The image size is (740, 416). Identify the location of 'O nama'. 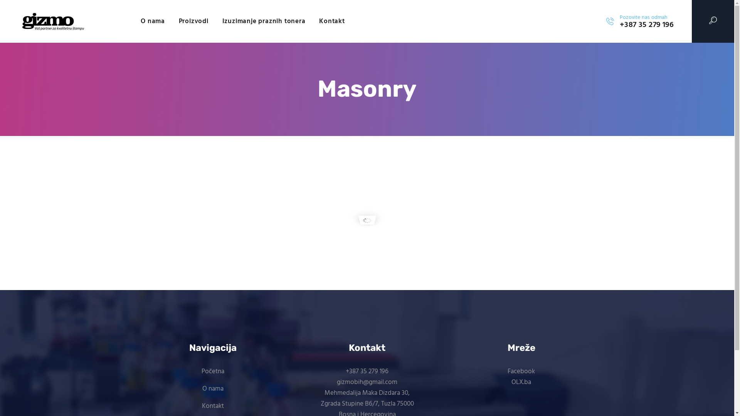
(153, 21).